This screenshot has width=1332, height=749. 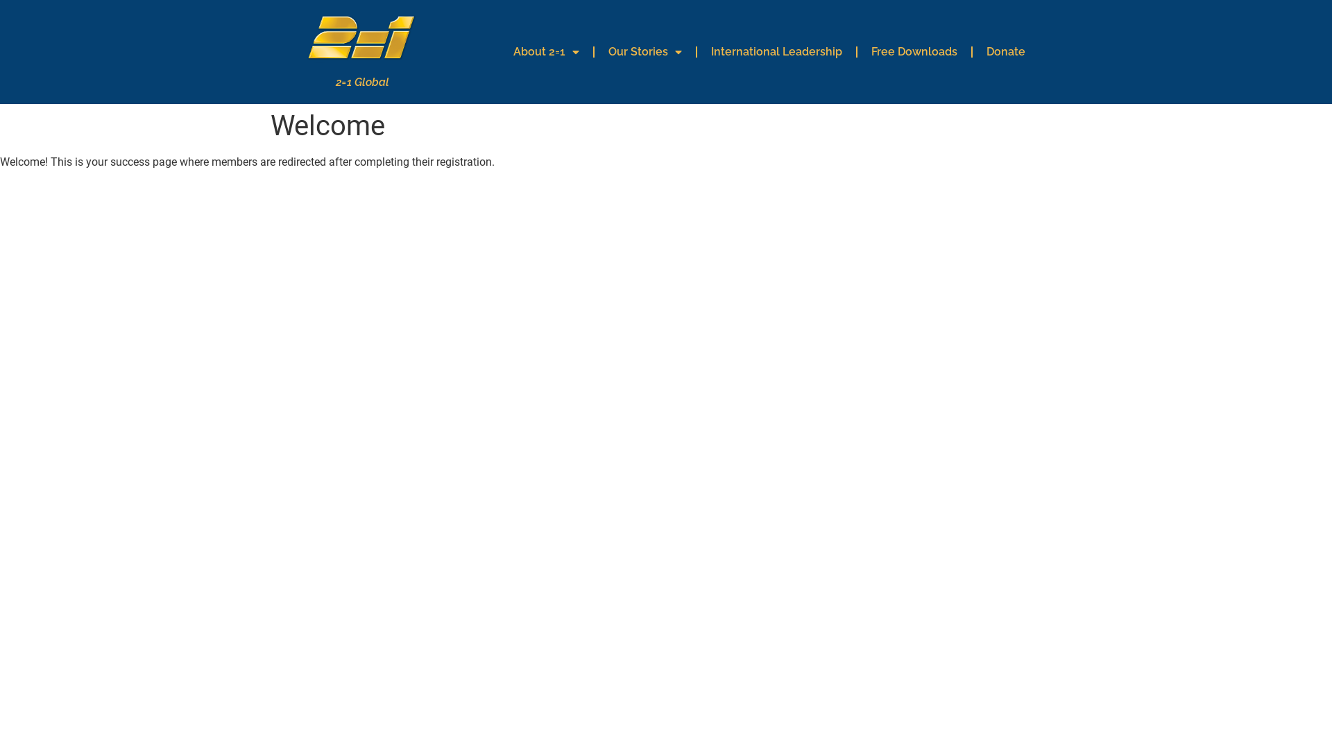 What do you see at coordinates (914, 51) in the screenshot?
I see `'Free Downloads'` at bounding box center [914, 51].